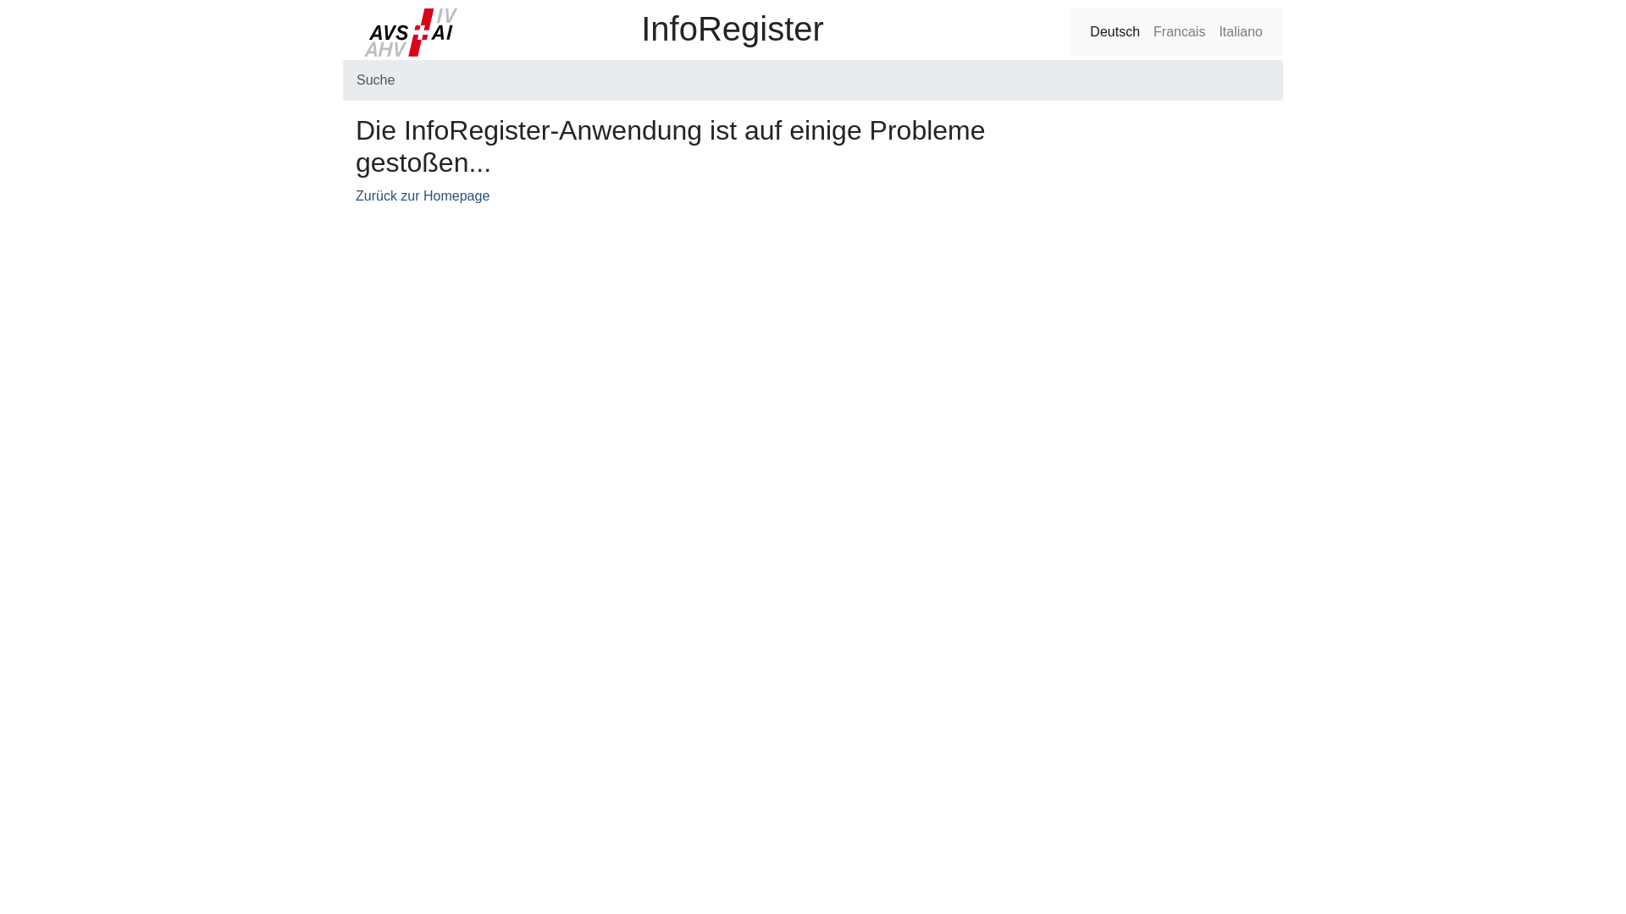 This screenshot has width=1626, height=914. Describe the element at coordinates (1114, 32) in the screenshot. I see `'Deutsch'` at that location.